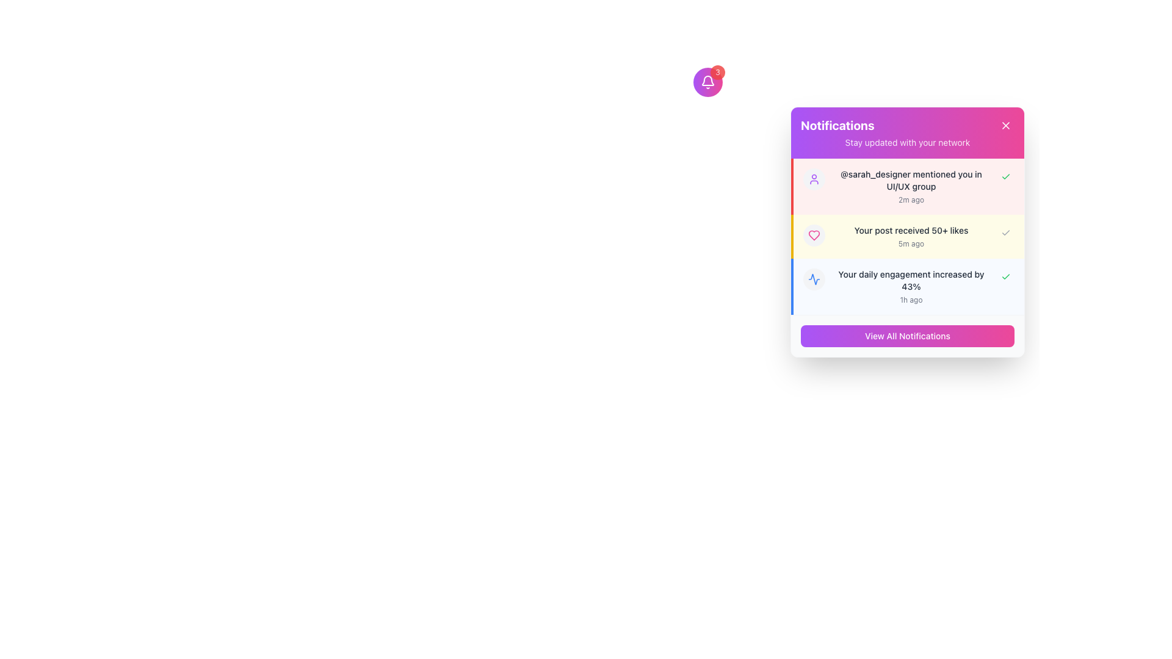 The width and height of the screenshot is (1172, 659). Describe the element at coordinates (707, 82) in the screenshot. I see `the circular button with a gradient background and a white bell icon, which has a red notification badge displaying '3'` at that location.